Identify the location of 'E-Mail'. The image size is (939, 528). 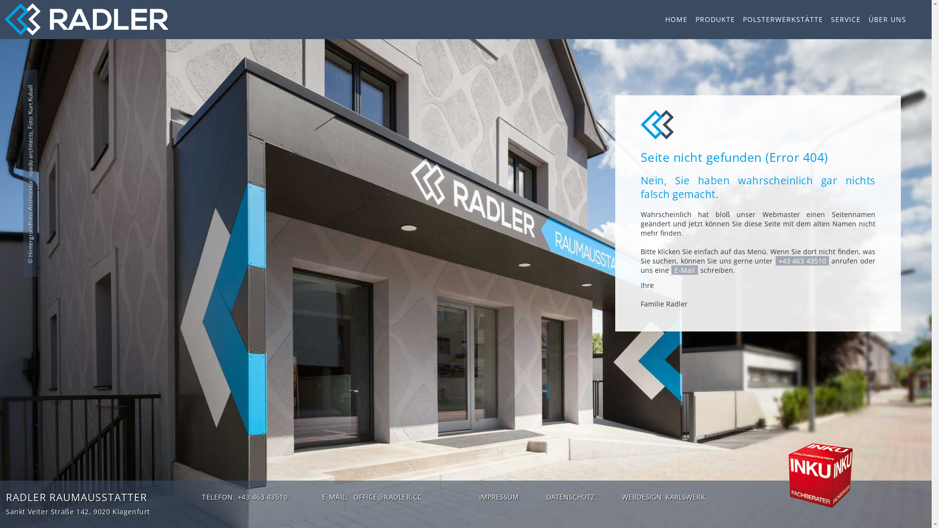
(684, 270).